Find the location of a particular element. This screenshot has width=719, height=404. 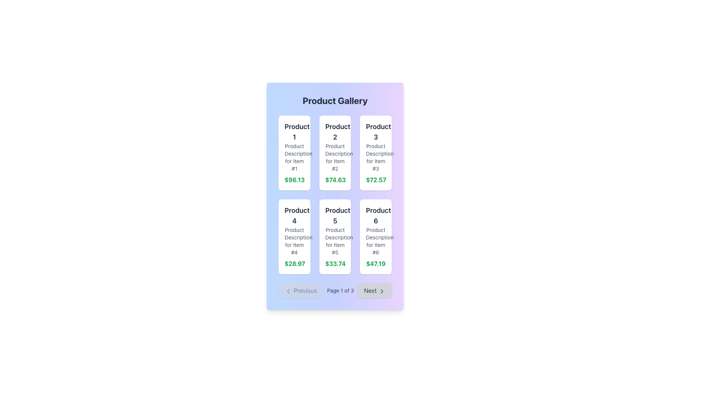

the Text Label that serves as the title and identifier for the product represented by the card, located at the top of the product card is located at coordinates (294, 132).